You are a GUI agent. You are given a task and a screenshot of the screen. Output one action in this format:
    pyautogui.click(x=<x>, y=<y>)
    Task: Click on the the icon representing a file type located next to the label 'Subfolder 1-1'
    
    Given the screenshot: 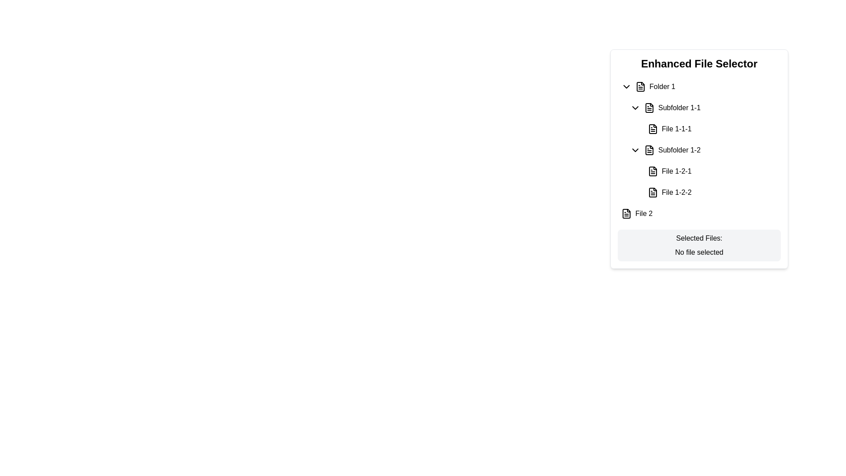 What is the action you would take?
    pyautogui.click(x=649, y=108)
    